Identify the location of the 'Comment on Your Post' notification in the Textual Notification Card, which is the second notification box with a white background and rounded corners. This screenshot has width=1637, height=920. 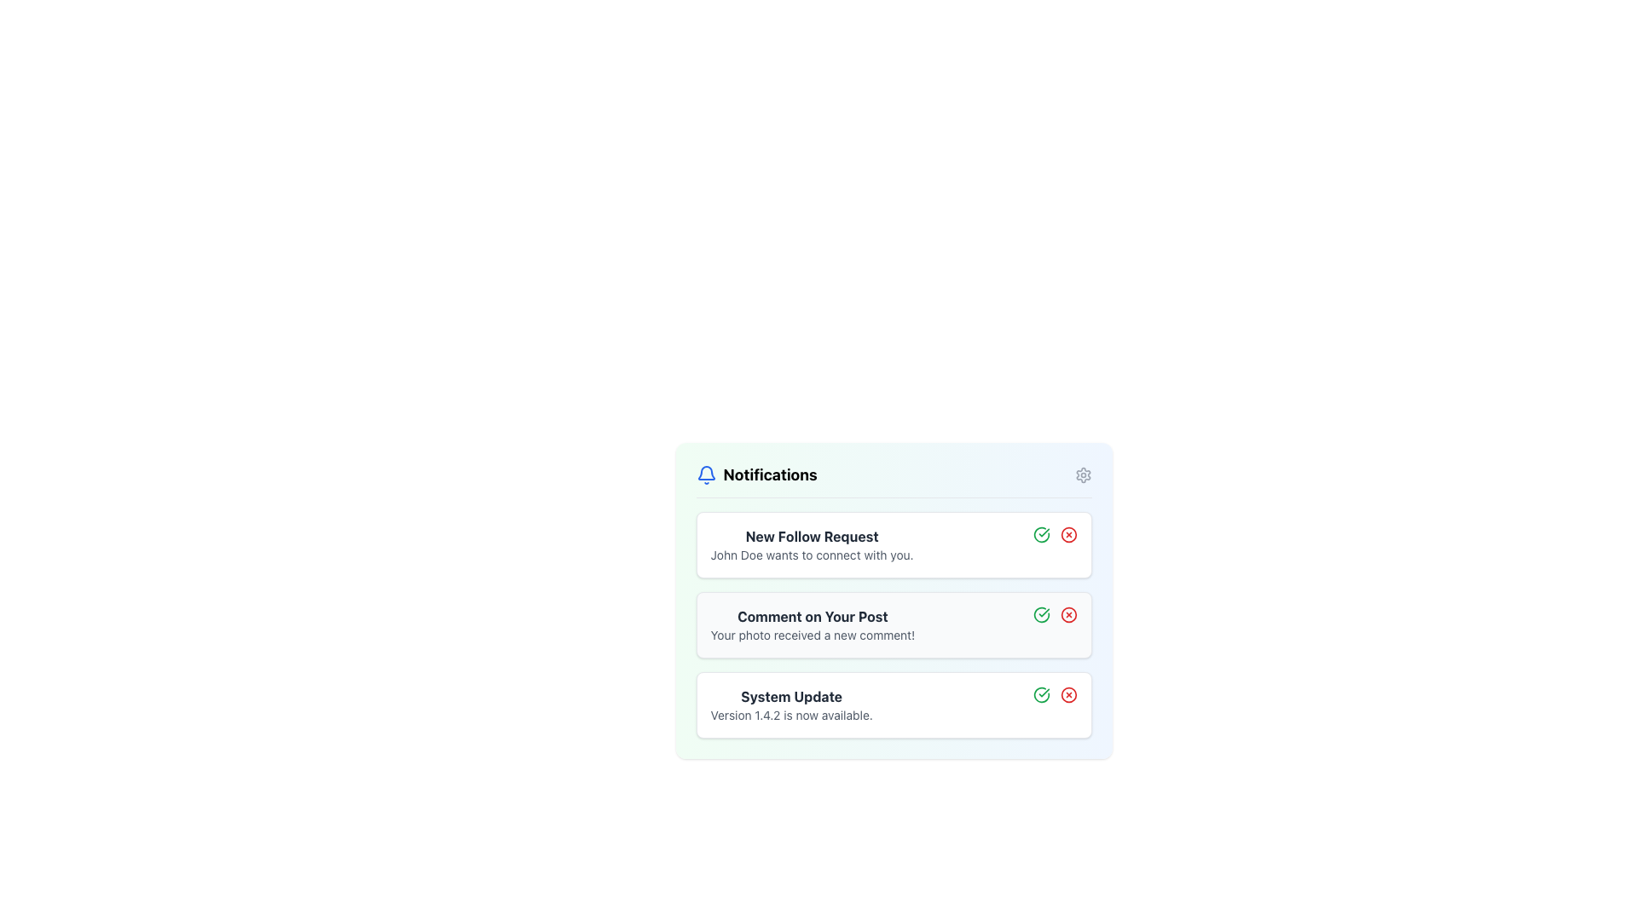
(893, 600).